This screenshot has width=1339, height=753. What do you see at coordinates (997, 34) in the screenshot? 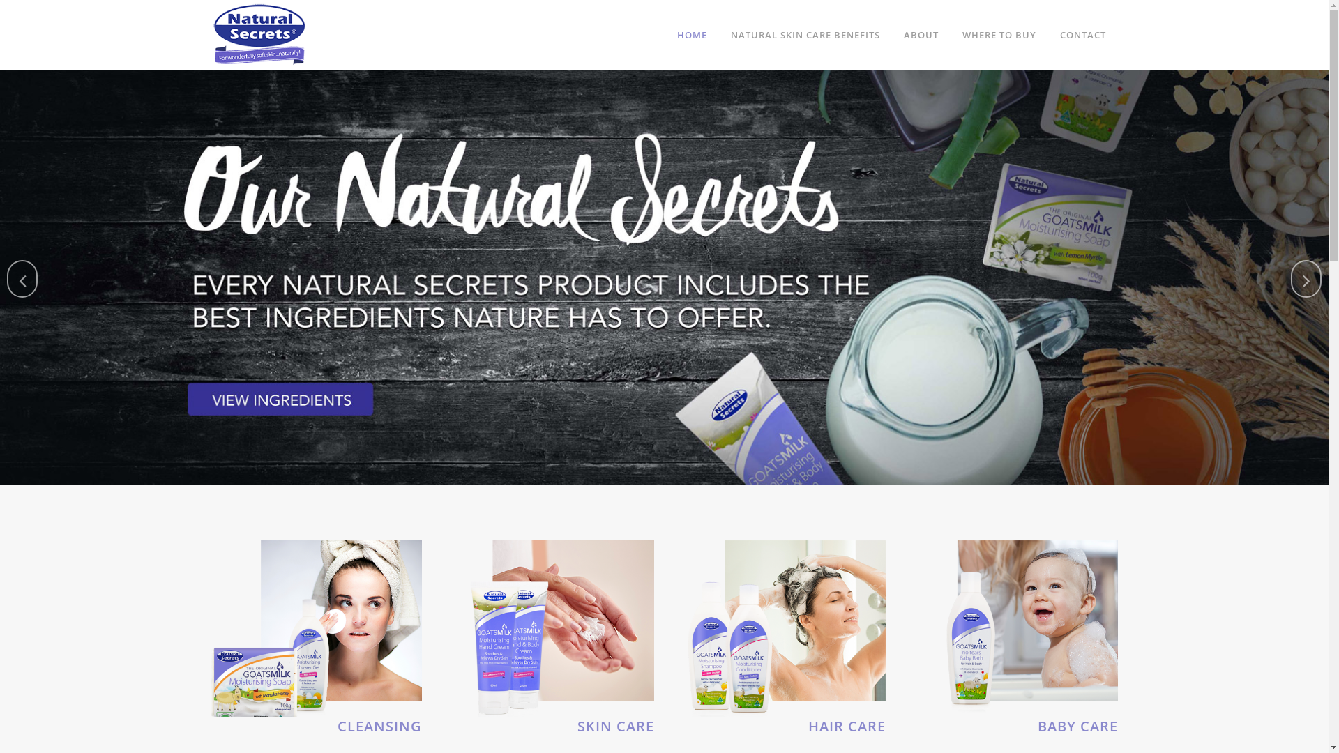
I see `'WHERE TO BUY'` at bounding box center [997, 34].